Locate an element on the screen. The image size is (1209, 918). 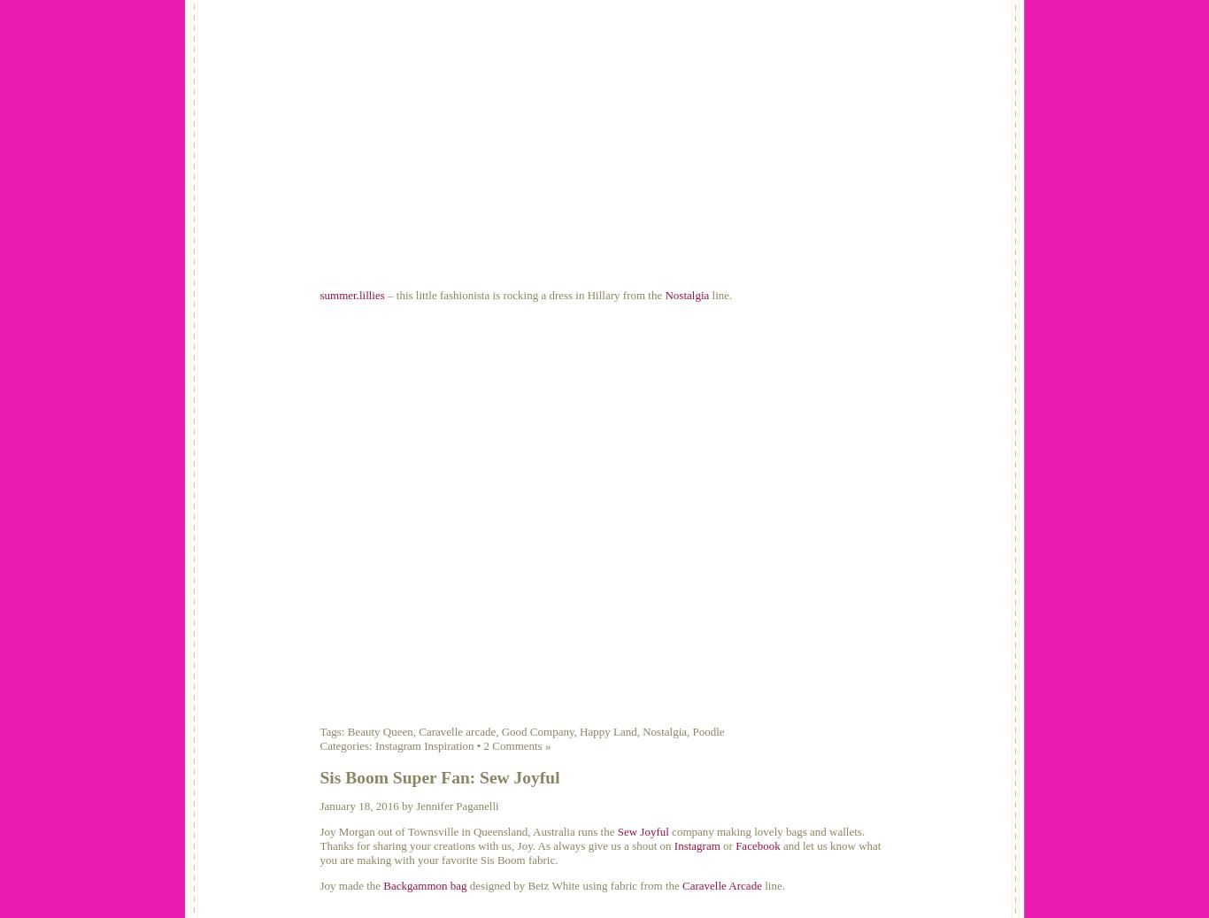
'Categories:' is located at coordinates (346, 745).